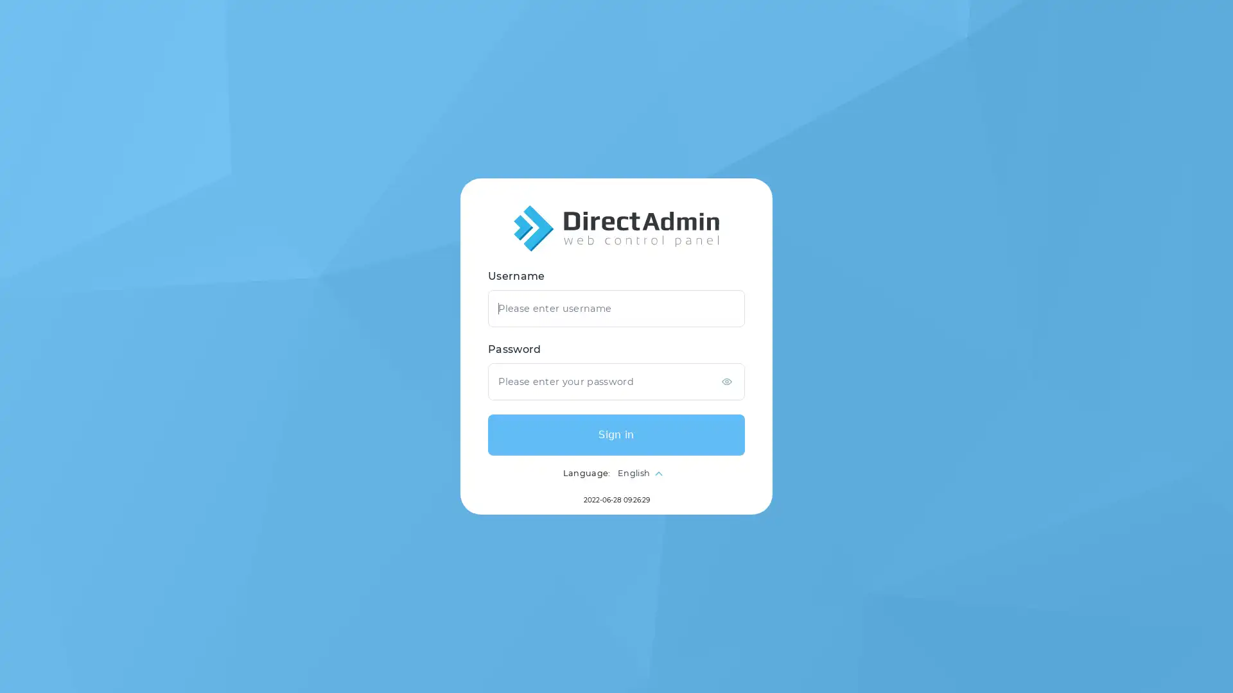  Describe the element at coordinates (771, 543) in the screenshot. I see `Sign in` at that location.